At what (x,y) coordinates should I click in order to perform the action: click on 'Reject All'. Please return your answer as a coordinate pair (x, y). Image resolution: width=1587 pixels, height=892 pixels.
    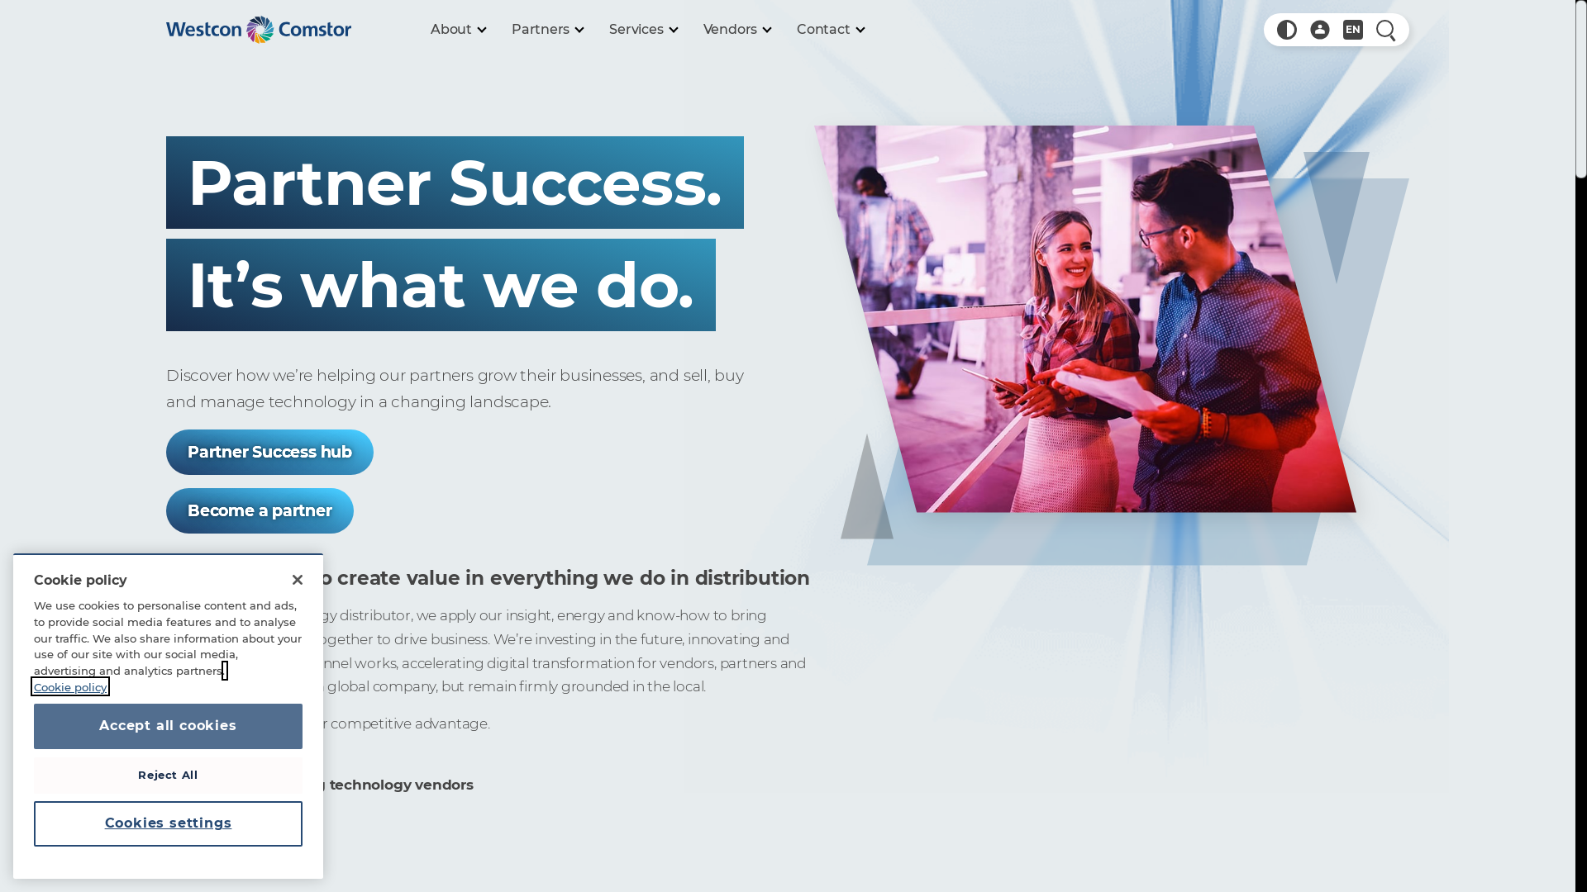
    Looking at the image, I should click on (168, 774).